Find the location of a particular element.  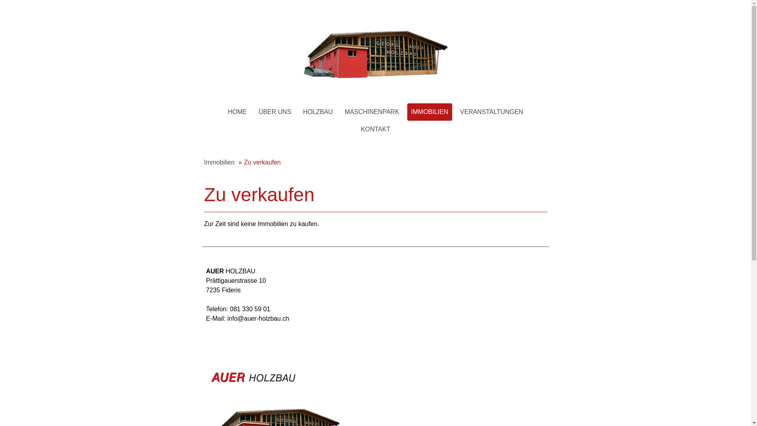

'Zu verkaufen' is located at coordinates (259, 162).